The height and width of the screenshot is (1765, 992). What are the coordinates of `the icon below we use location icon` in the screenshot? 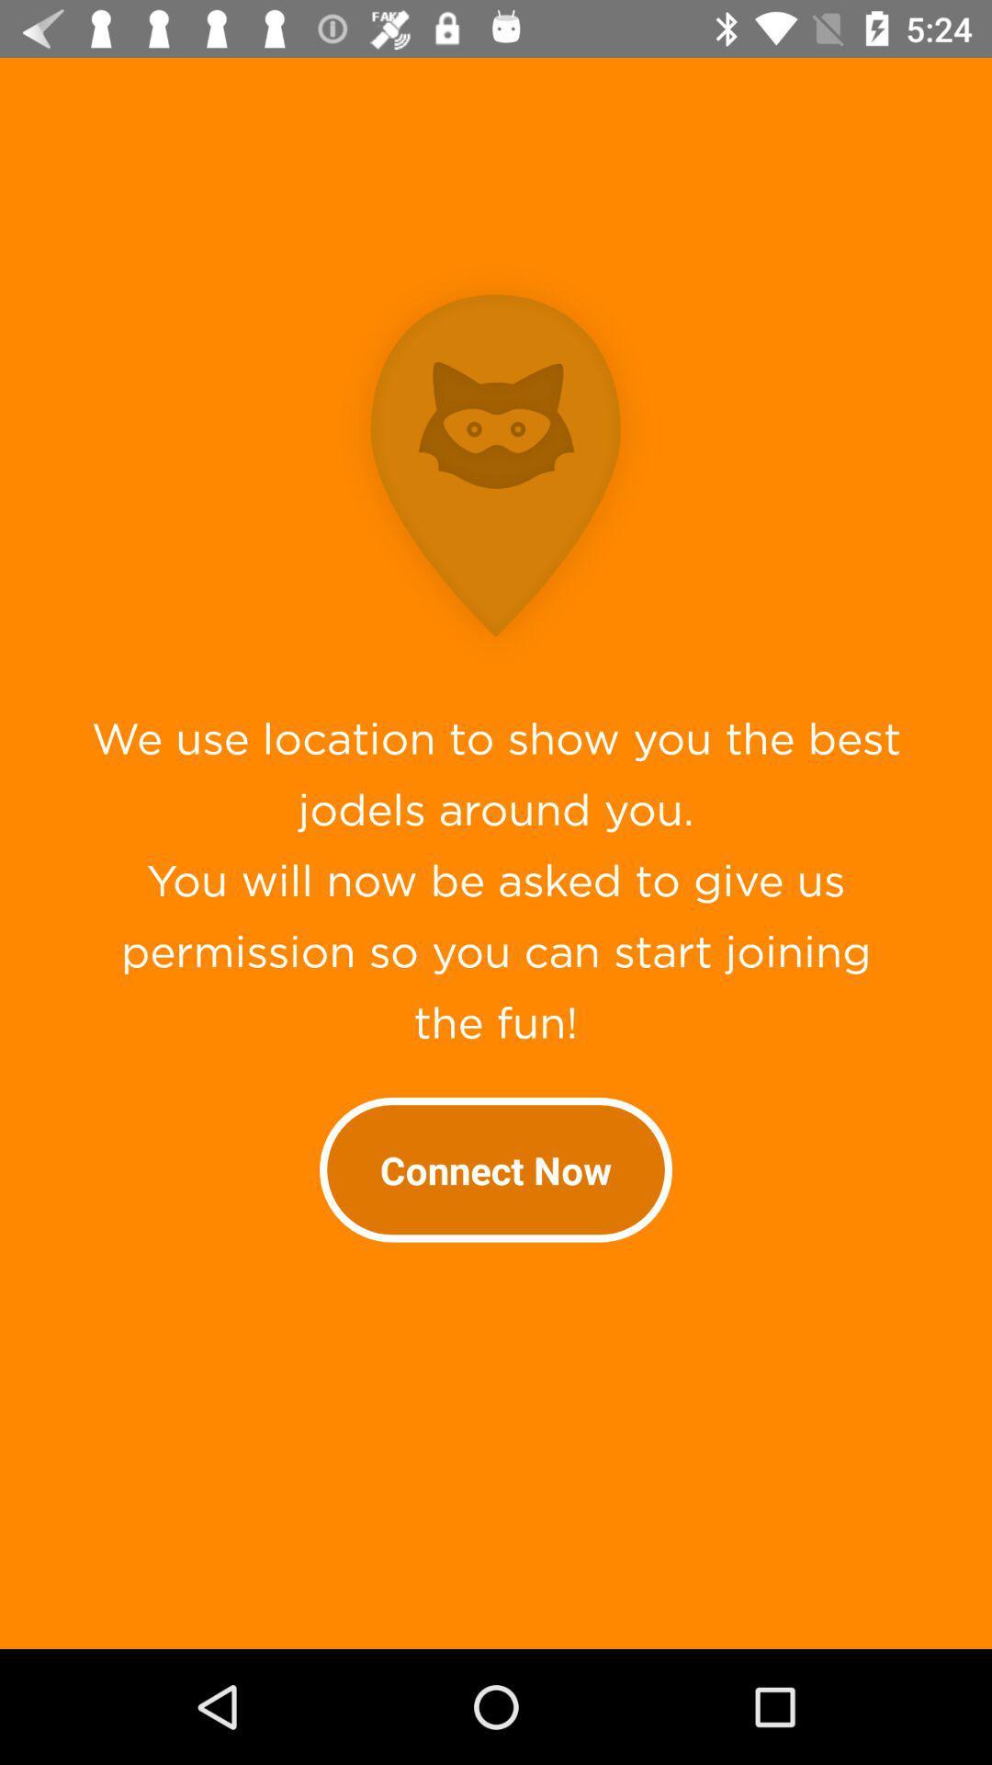 It's located at (496, 1168).